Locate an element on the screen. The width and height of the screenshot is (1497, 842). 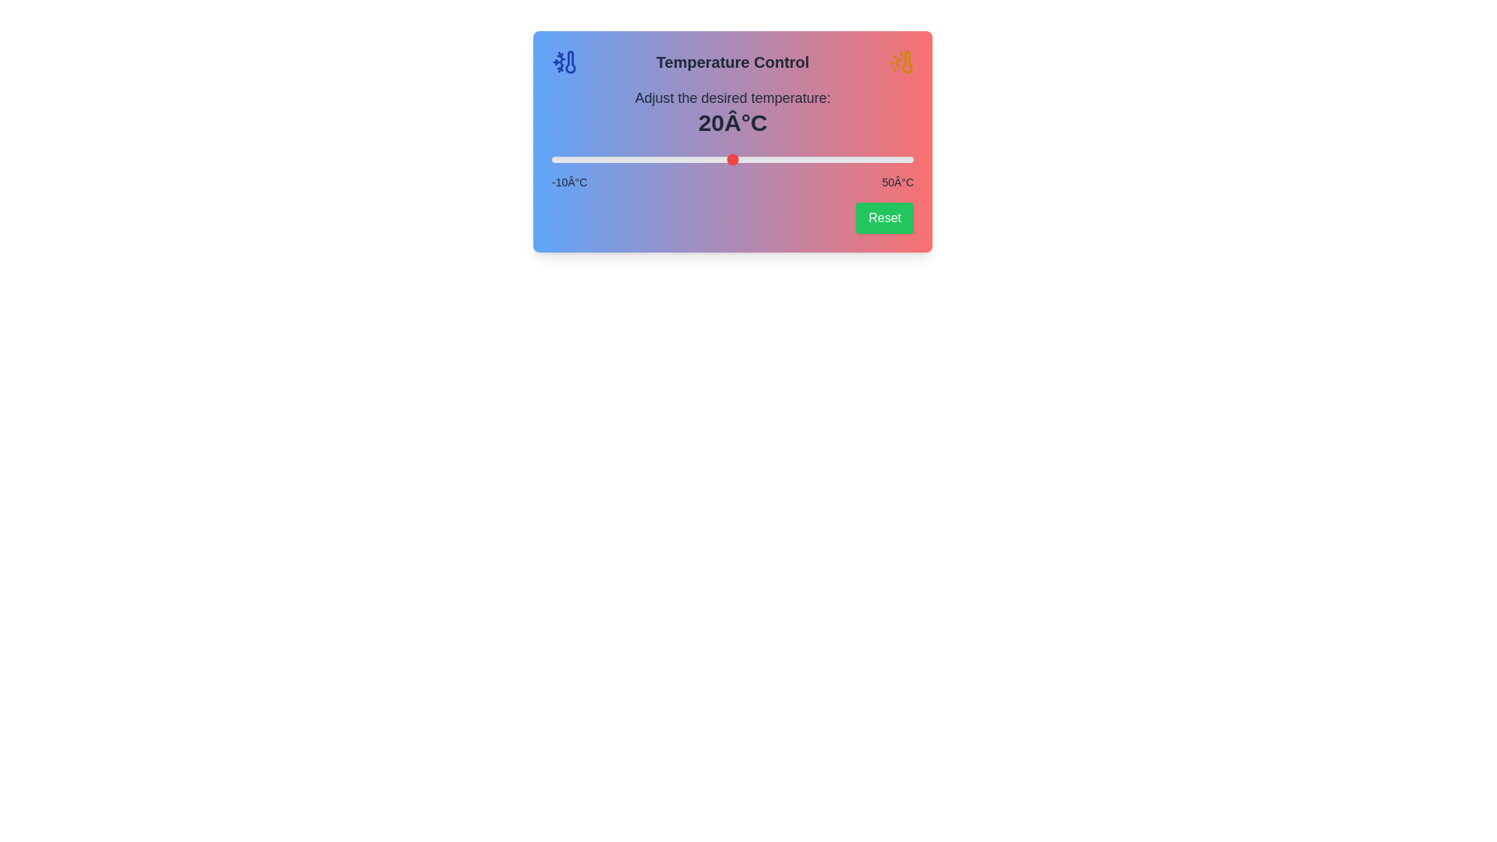
the slider to set the temperature to 7°C is located at coordinates (654, 159).